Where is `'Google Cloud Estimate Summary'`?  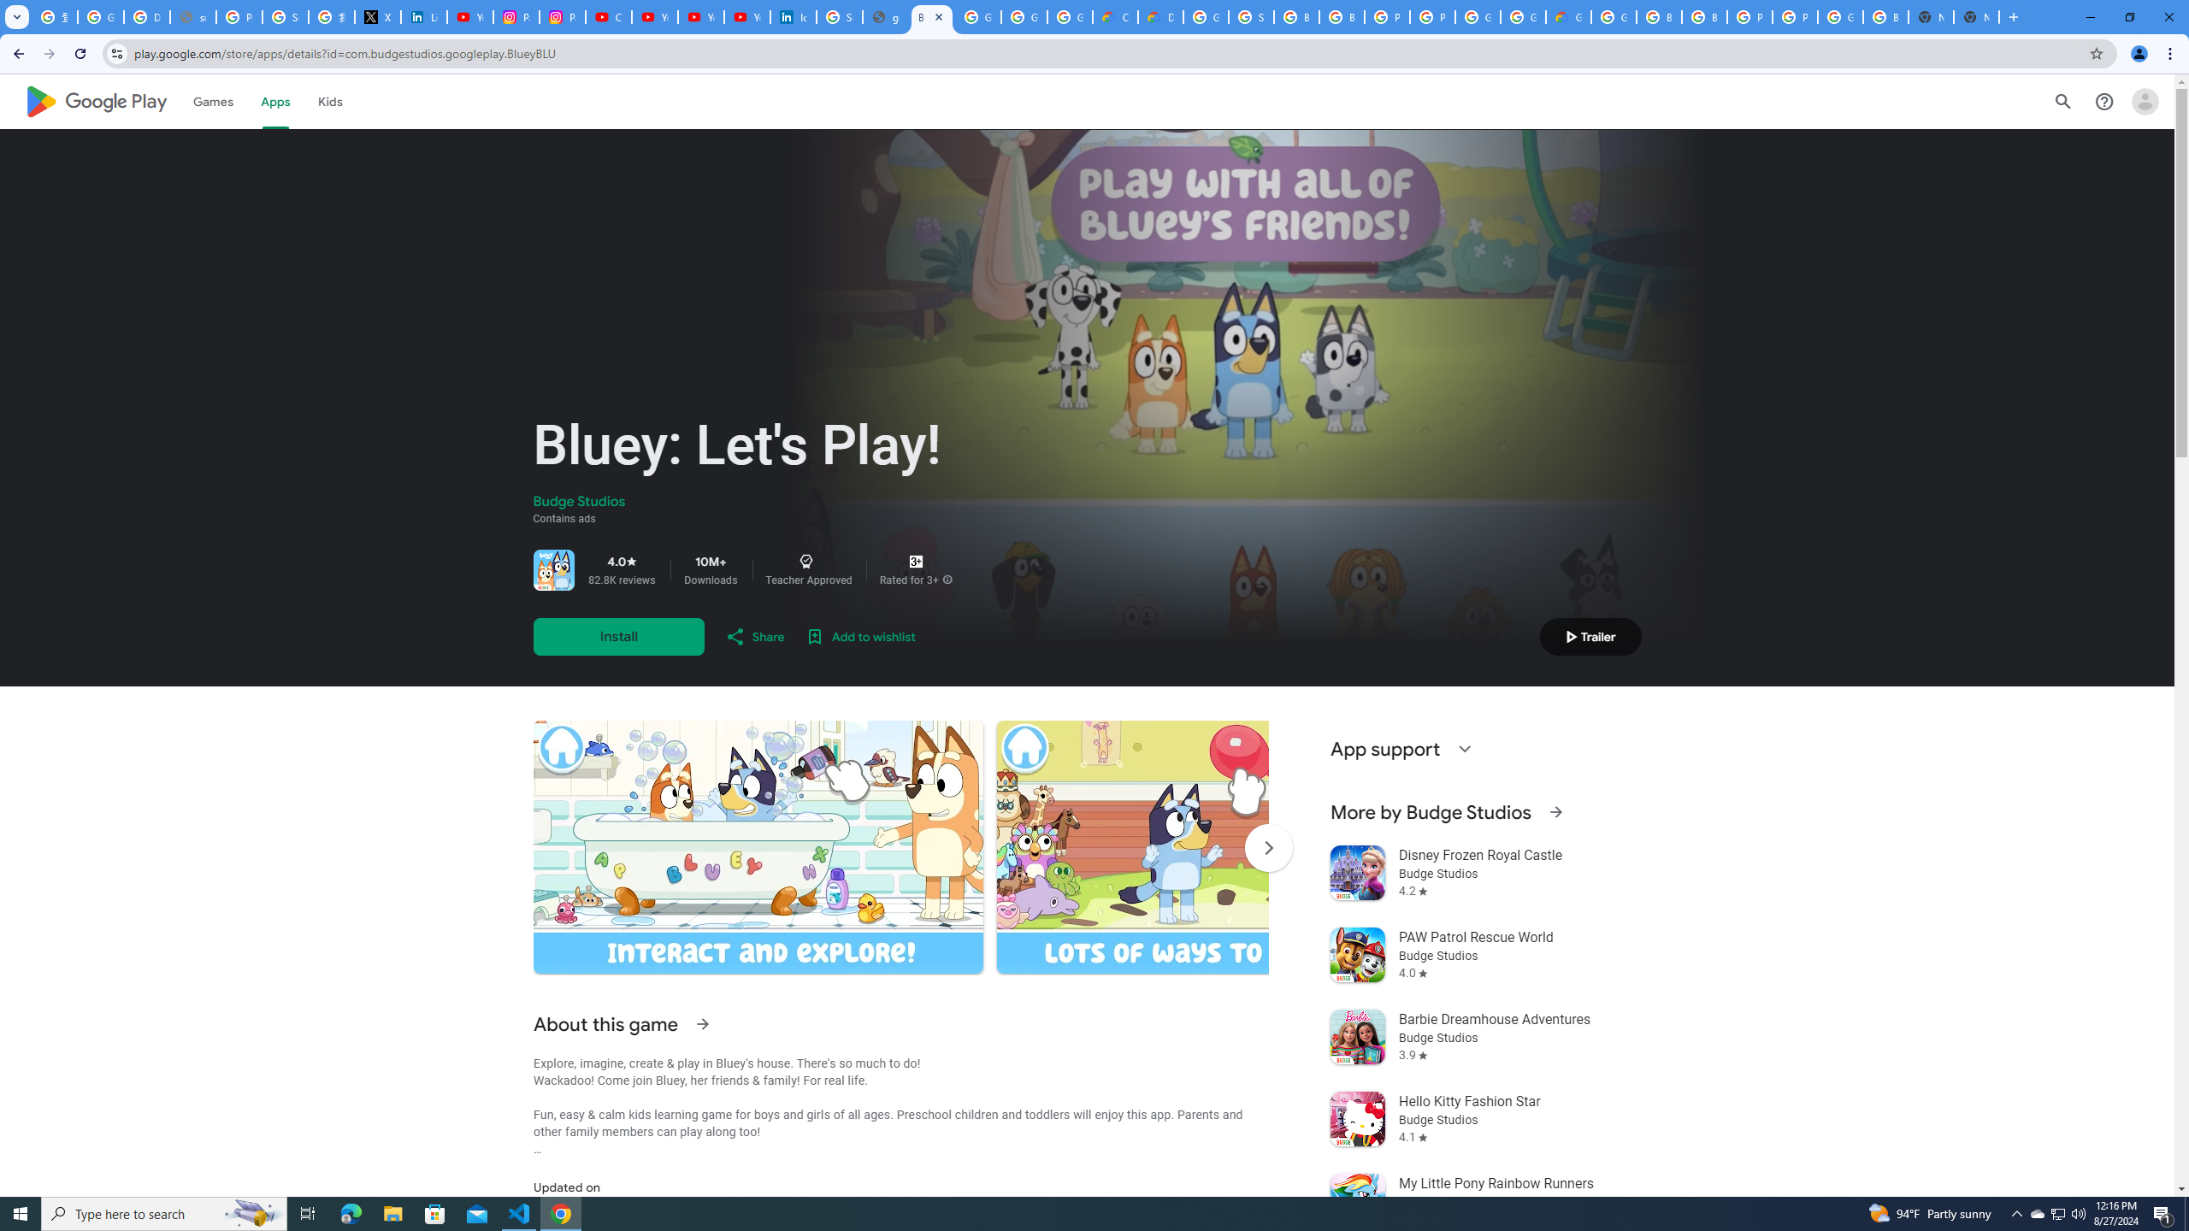
'Google Cloud Estimate Summary' is located at coordinates (1568, 16).